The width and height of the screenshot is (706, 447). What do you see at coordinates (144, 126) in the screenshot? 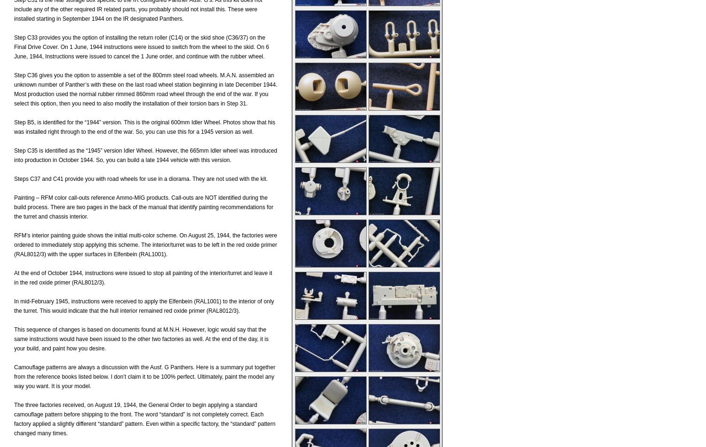
I see `'Step B5, is identified for the “1944” version. This is the original 600mm Idler Wheel. Photos show that his was installed right through to the end of the war. So, you can use this for a 1945 version as well.'` at bounding box center [144, 126].